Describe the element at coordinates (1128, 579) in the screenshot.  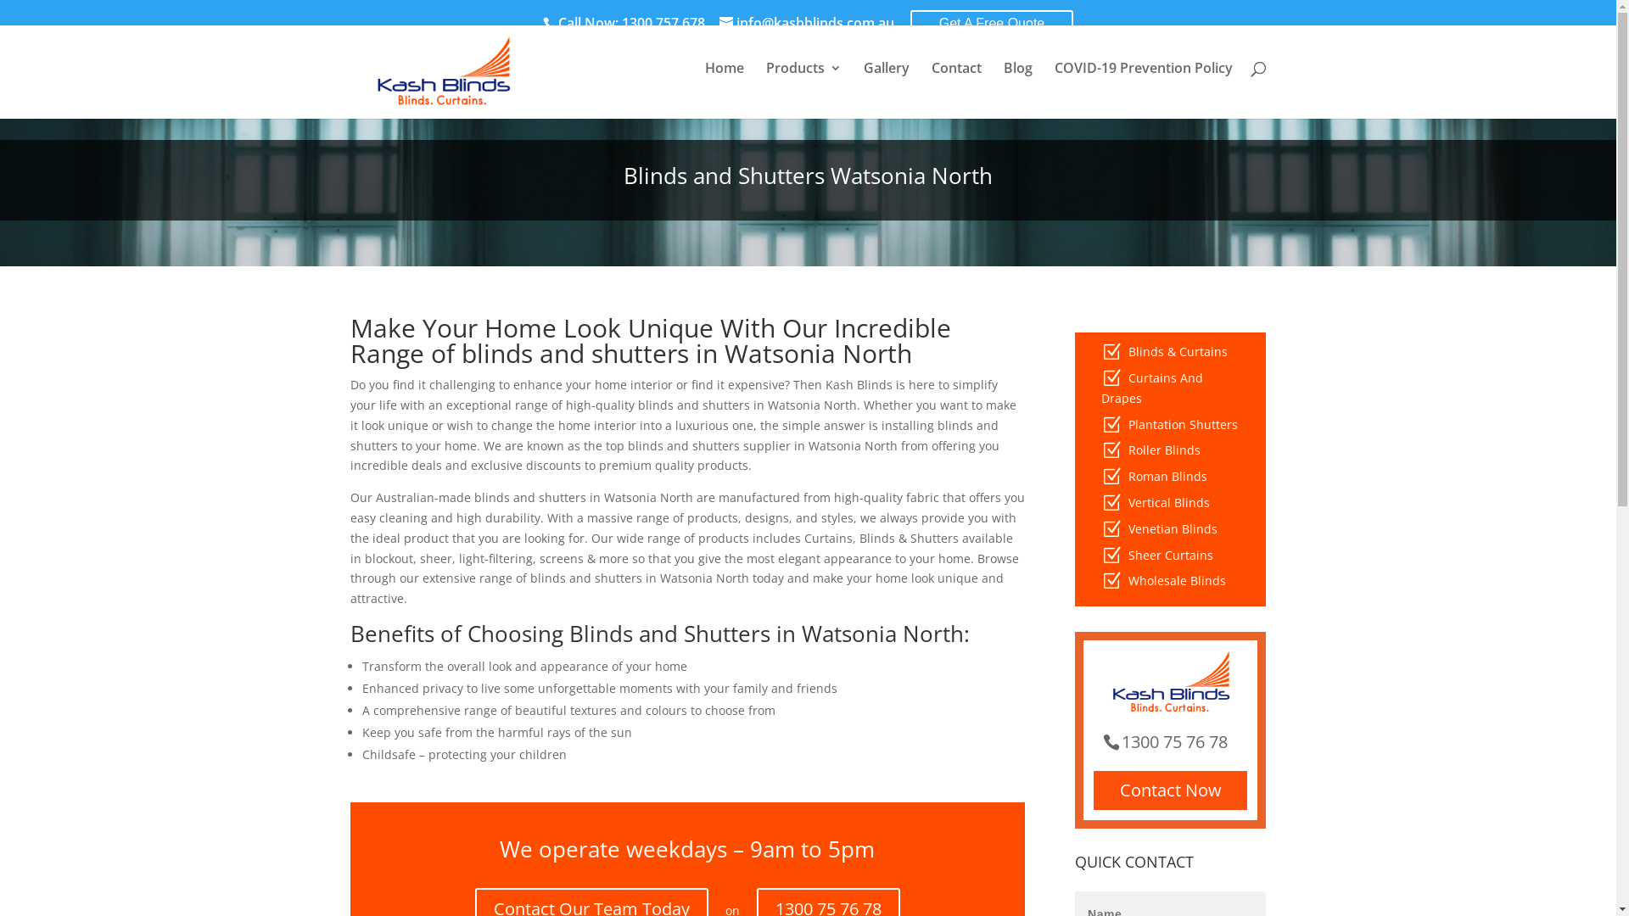
I see `'Wholesale Blinds'` at that location.